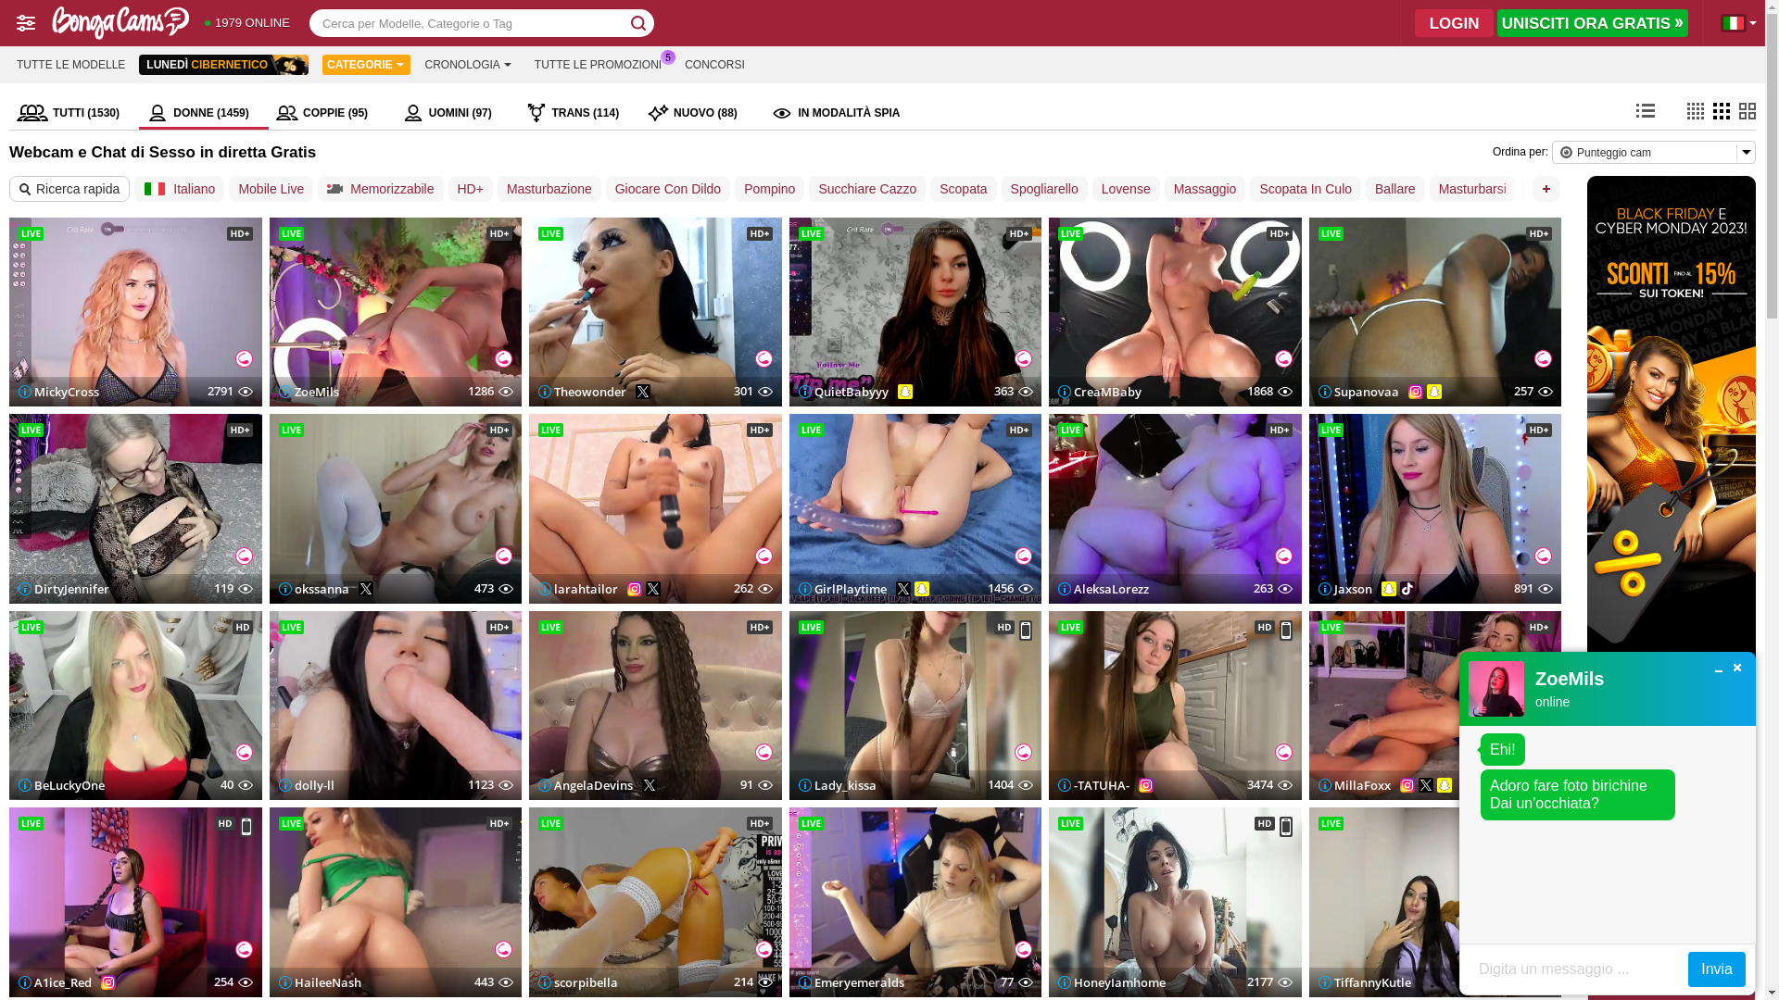 This screenshot has height=1000, width=1779. I want to click on 'UNISCITI ORA GRATIS', so click(1591, 22).